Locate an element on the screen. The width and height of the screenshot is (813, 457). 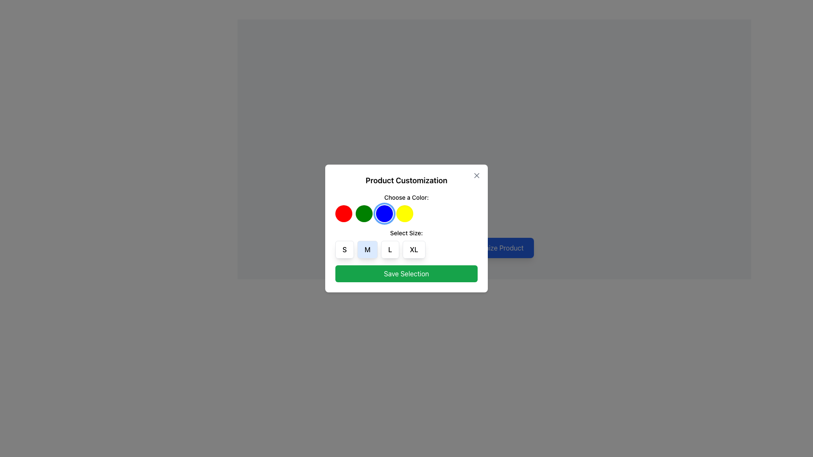
the first circular button on the left in the 'Product Customization' panel is located at coordinates (343, 213).